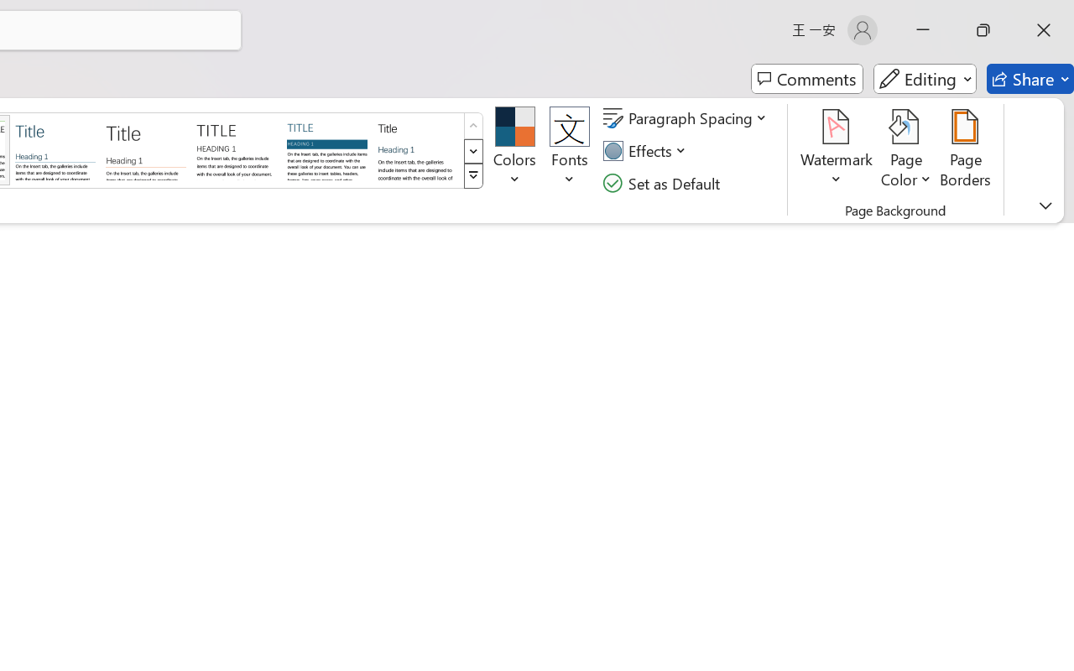  I want to click on 'Row up', so click(472, 126).